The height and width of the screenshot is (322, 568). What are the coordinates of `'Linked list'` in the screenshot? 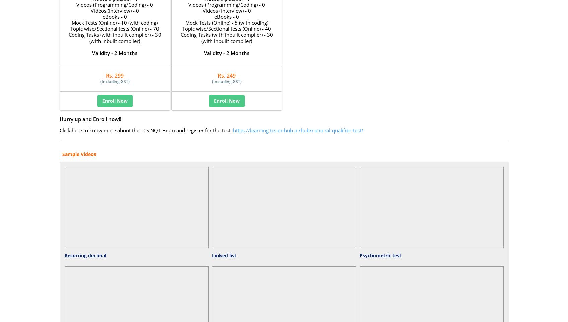 It's located at (224, 255).